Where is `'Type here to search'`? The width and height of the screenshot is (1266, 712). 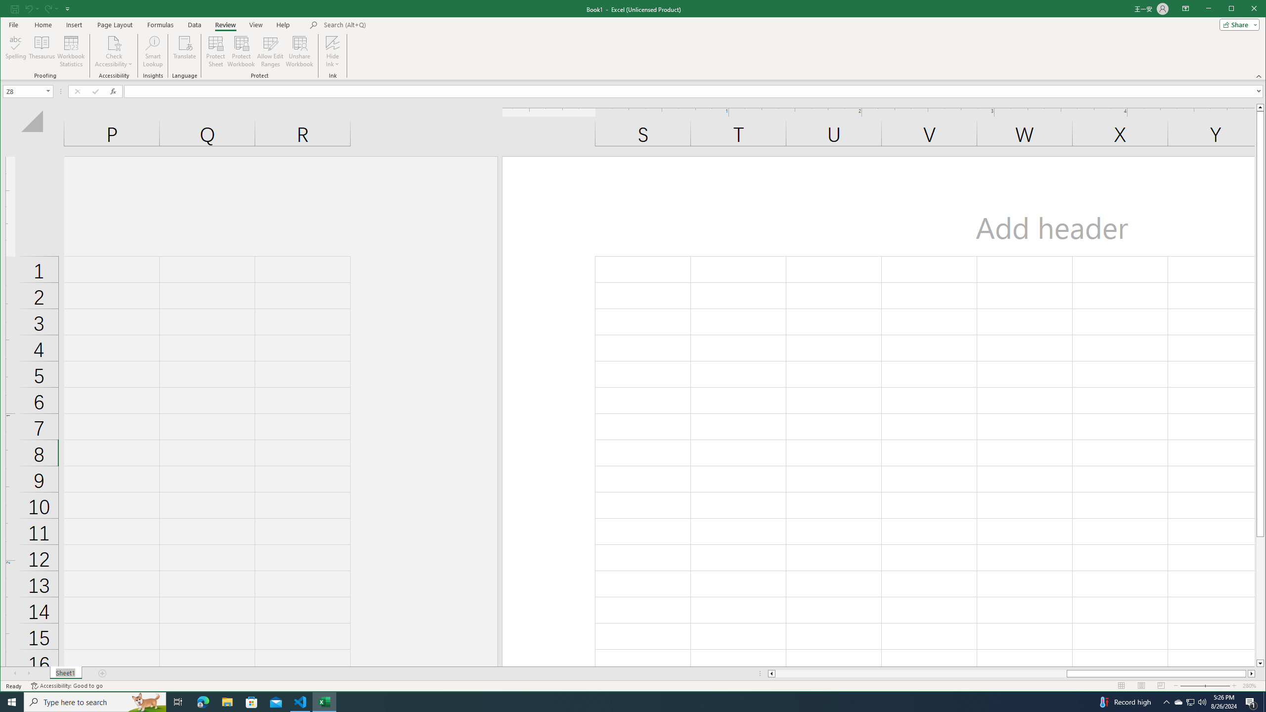
'Type here to search' is located at coordinates (94, 701).